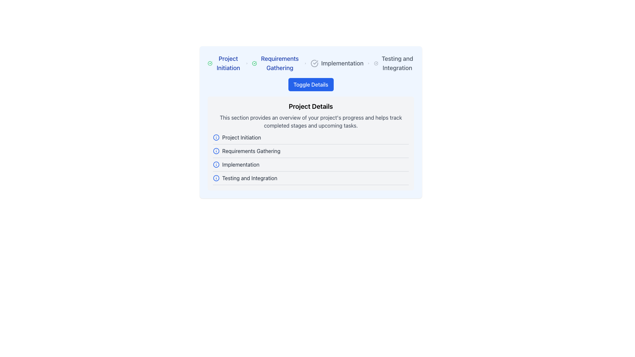  Describe the element at coordinates (311, 121) in the screenshot. I see `descriptive text block that provides context and guidance about the project's progress, located below the 'Project Details' heading` at that location.